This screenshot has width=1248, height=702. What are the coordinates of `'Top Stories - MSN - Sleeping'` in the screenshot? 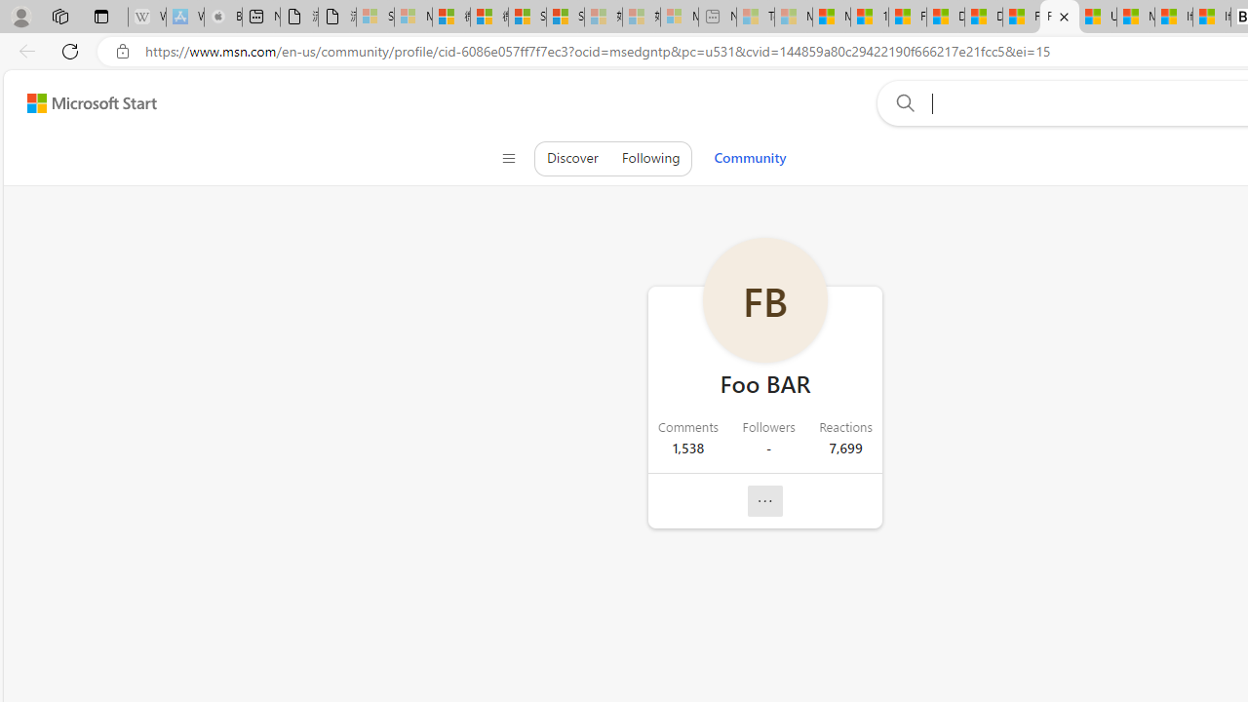 It's located at (755, 17).